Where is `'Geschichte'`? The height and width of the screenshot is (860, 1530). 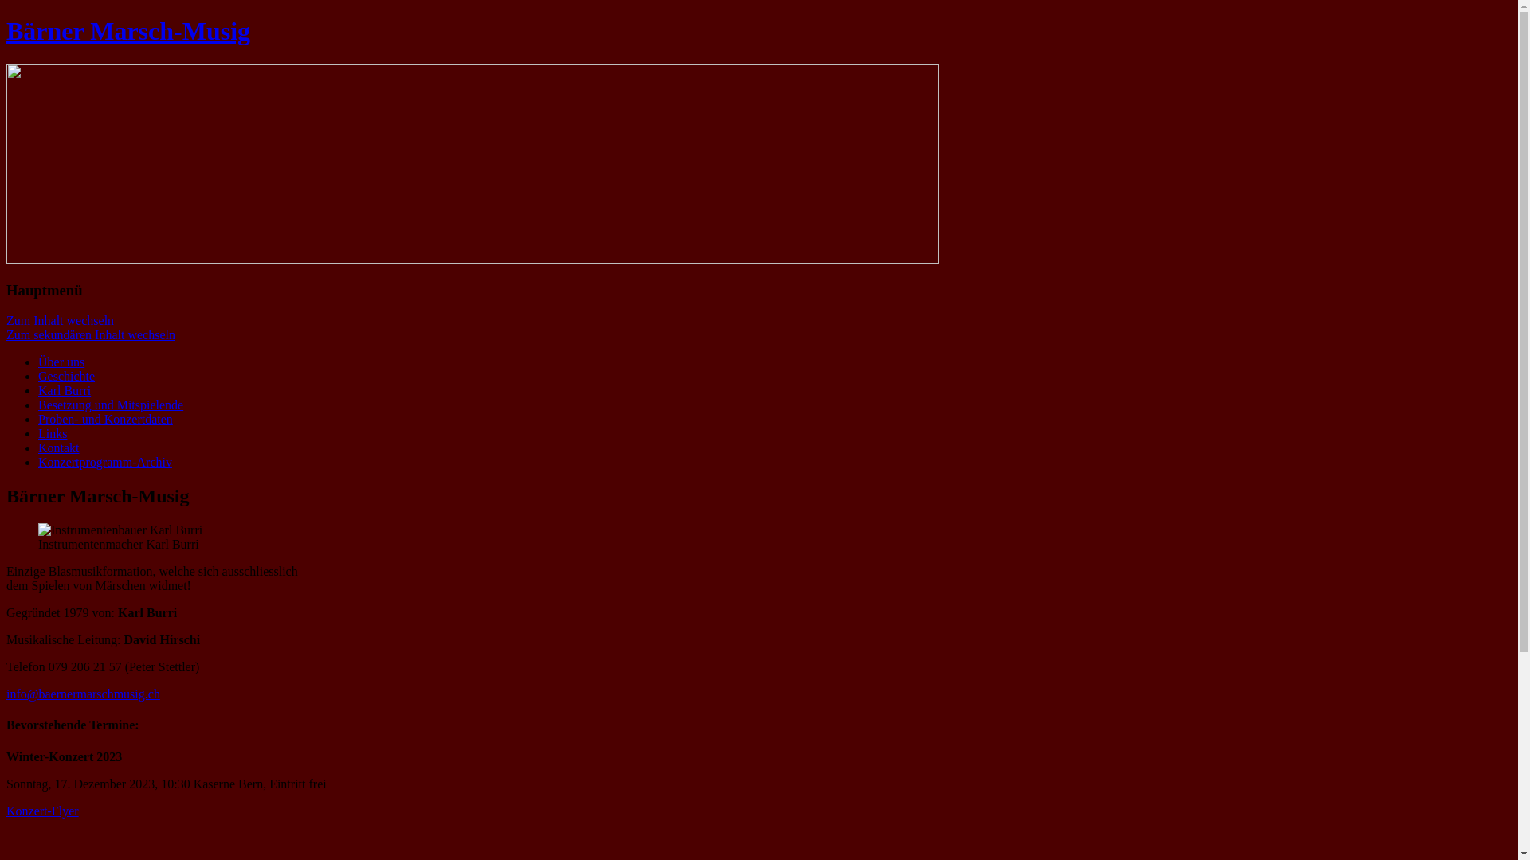 'Geschichte' is located at coordinates (65, 376).